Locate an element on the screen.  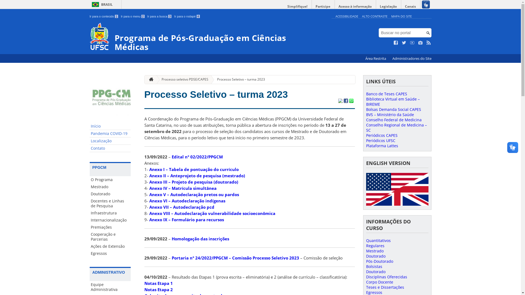
'MAPA DO SITE' is located at coordinates (391, 16).